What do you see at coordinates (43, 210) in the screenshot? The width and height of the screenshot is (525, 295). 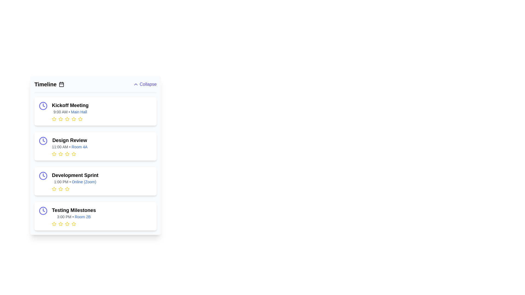 I see `the SVG circle representing the clock face within the timeline entry icon, located adjacent to the 'Testing Milestones' card, which is the fourth item in the vertical list of timeline entries` at bounding box center [43, 210].